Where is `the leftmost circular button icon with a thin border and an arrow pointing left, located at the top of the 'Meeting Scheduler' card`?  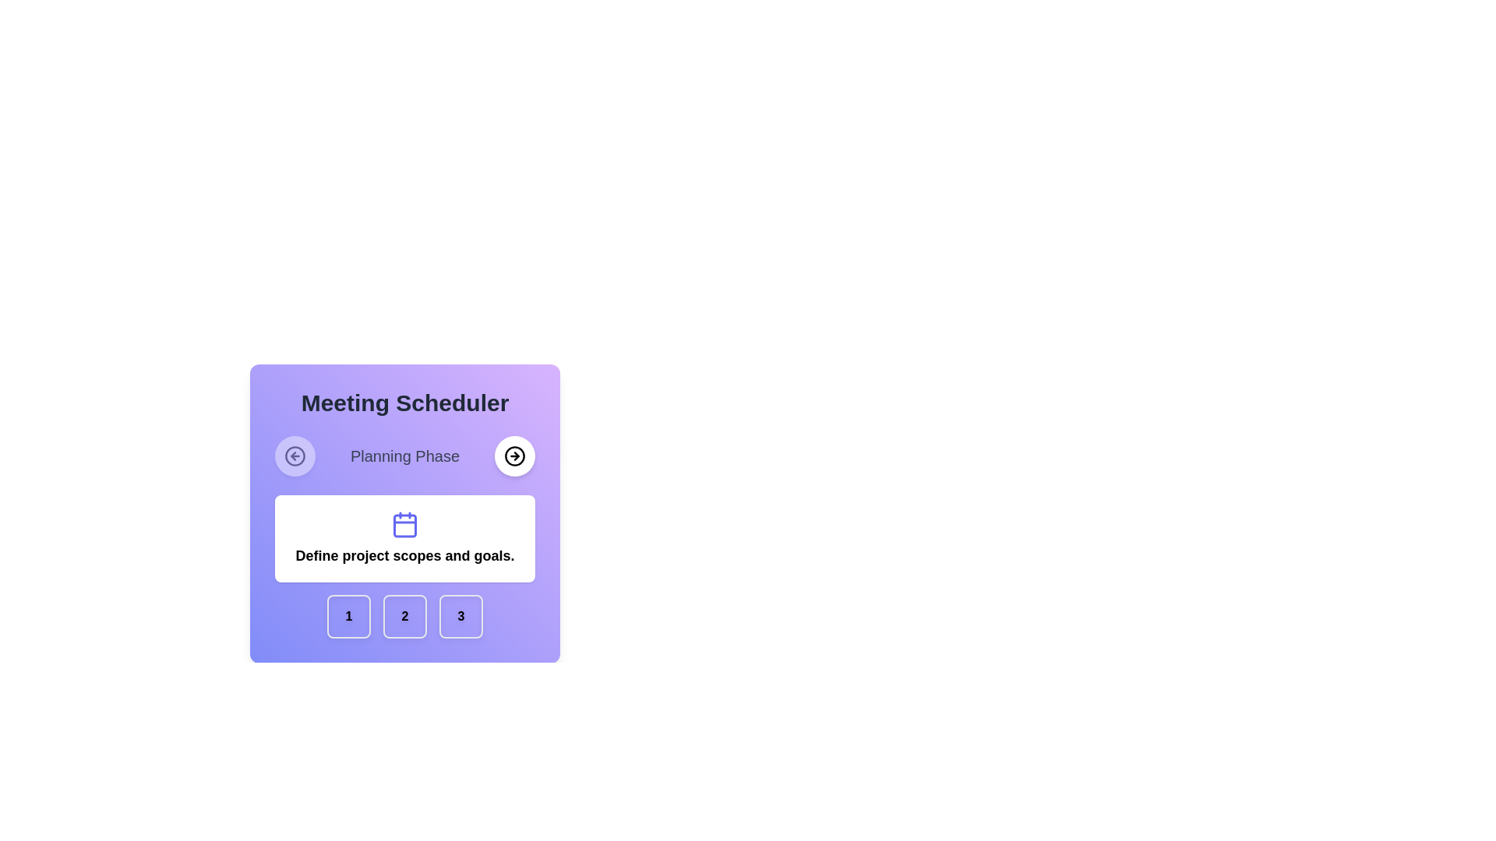 the leftmost circular button icon with a thin border and an arrow pointing left, located at the top of the 'Meeting Scheduler' card is located at coordinates (295, 456).